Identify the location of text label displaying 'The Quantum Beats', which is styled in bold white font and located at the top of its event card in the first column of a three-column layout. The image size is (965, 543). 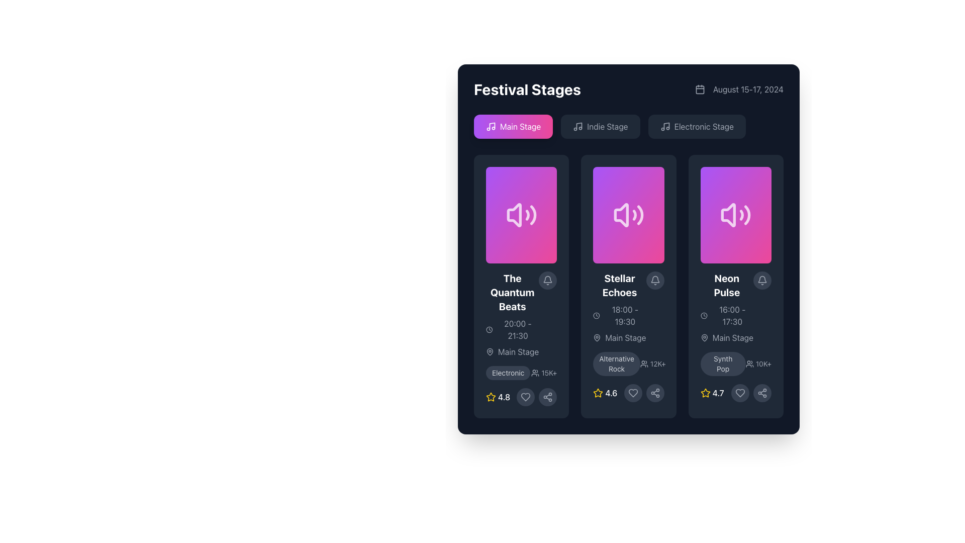
(512, 293).